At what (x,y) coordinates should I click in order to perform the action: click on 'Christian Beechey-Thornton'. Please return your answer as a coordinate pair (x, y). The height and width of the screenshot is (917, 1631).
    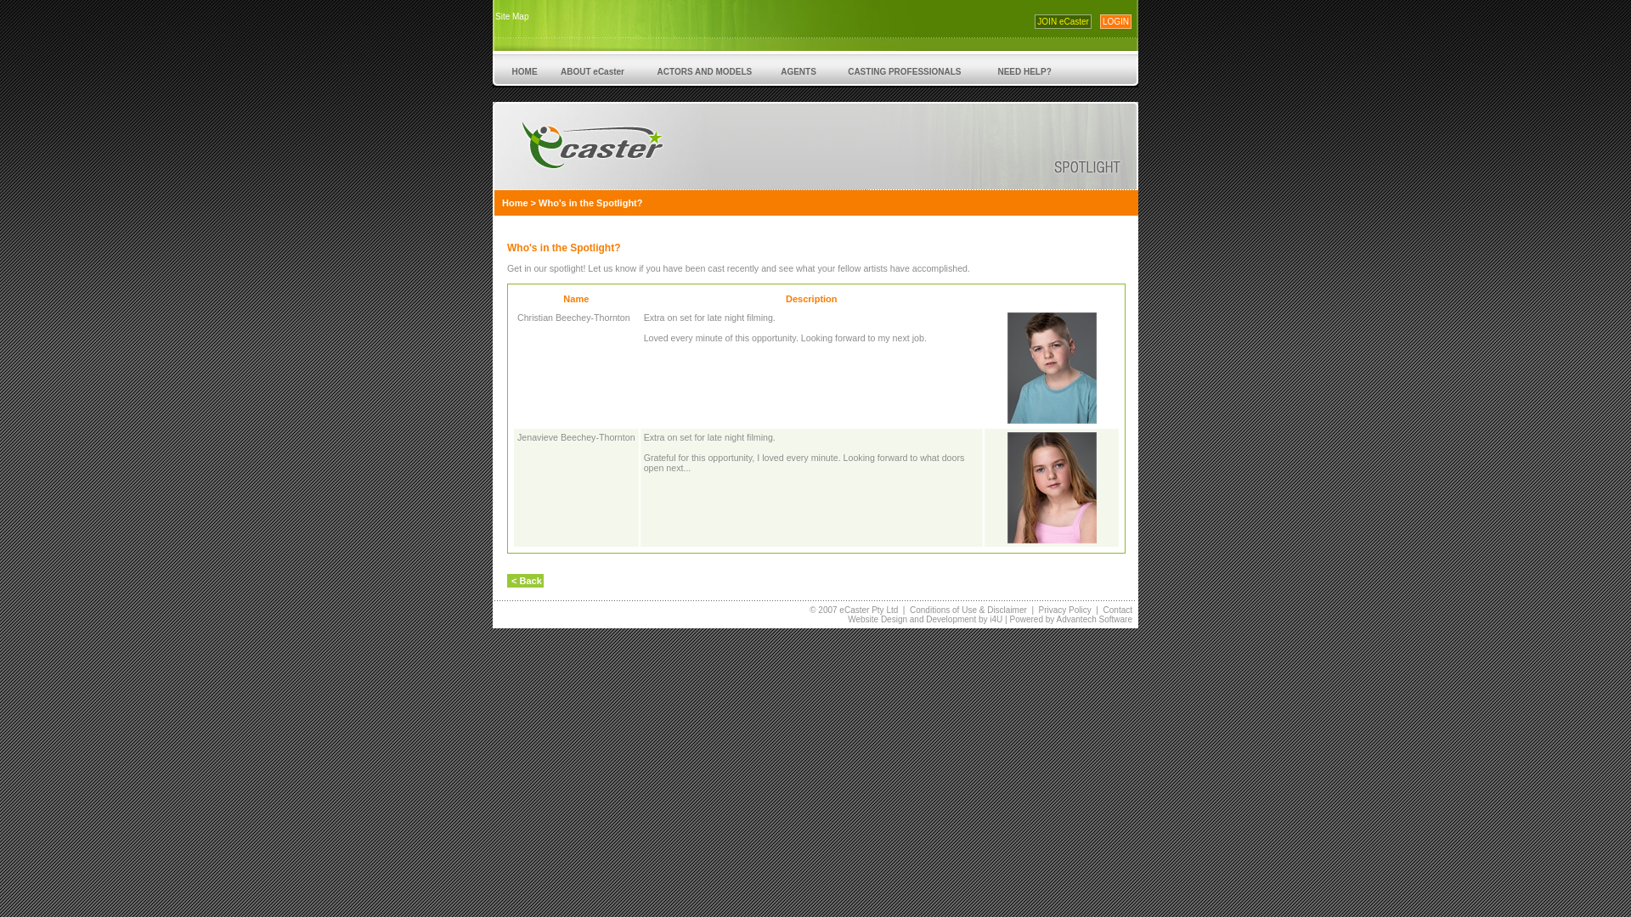
    Looking at the image, I should click on (573, 318).